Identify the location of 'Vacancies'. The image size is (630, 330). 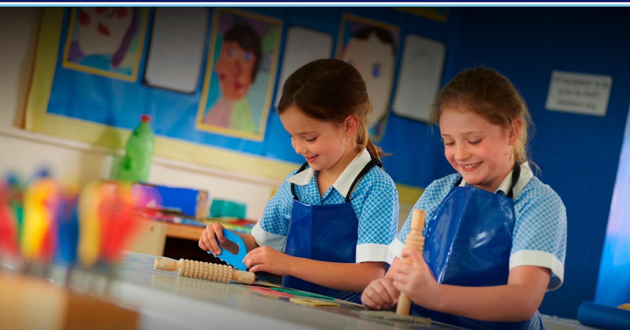
(510, 95).